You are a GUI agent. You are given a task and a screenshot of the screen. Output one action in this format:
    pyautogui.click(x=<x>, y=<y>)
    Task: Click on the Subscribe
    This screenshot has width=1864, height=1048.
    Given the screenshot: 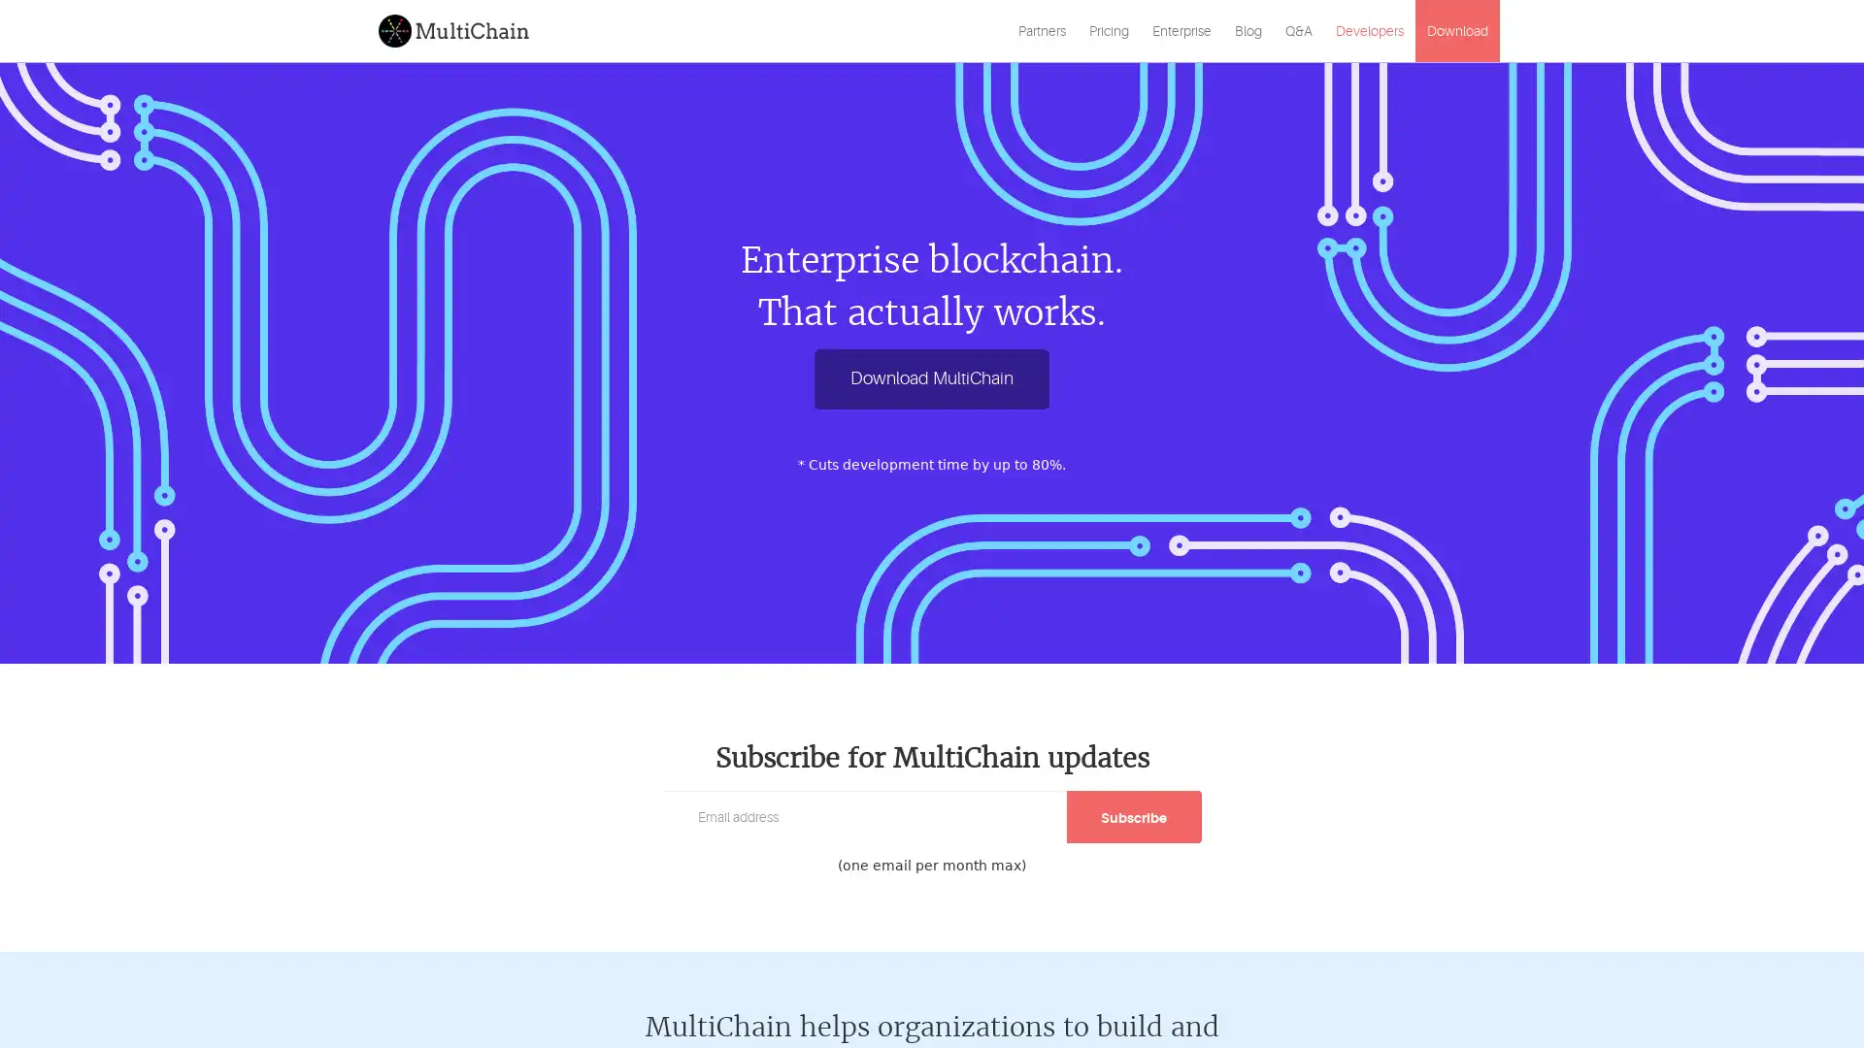 What is the action you would take?
    pyautogui.click(x=1133, y=815)
    